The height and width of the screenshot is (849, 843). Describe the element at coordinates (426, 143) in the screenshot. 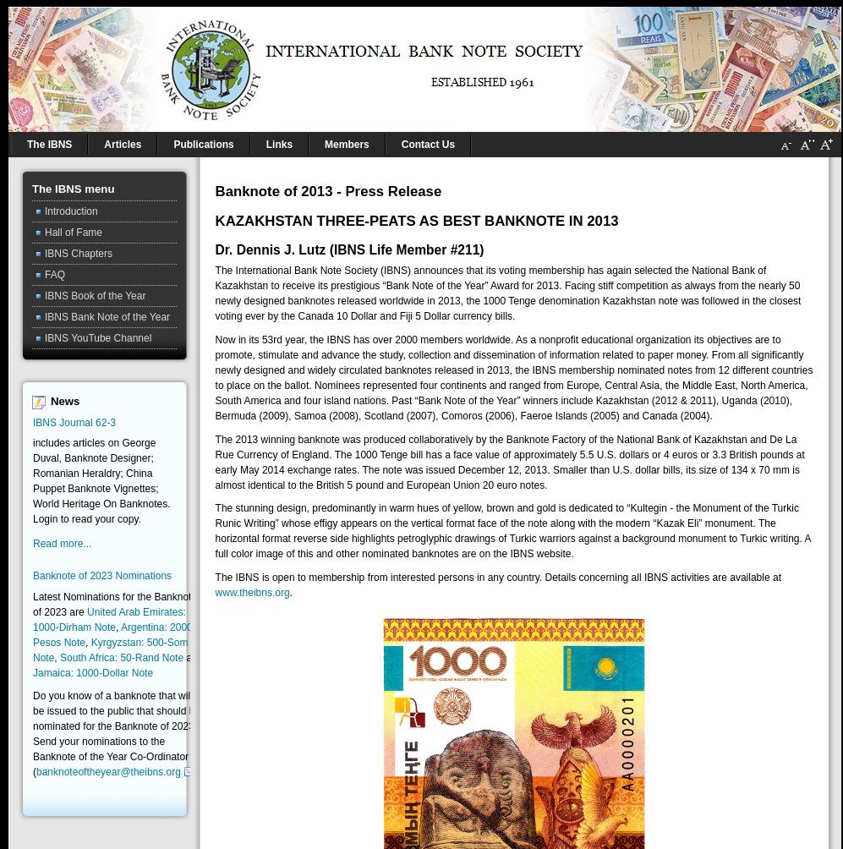

I see `'Contact Us'` at that location.